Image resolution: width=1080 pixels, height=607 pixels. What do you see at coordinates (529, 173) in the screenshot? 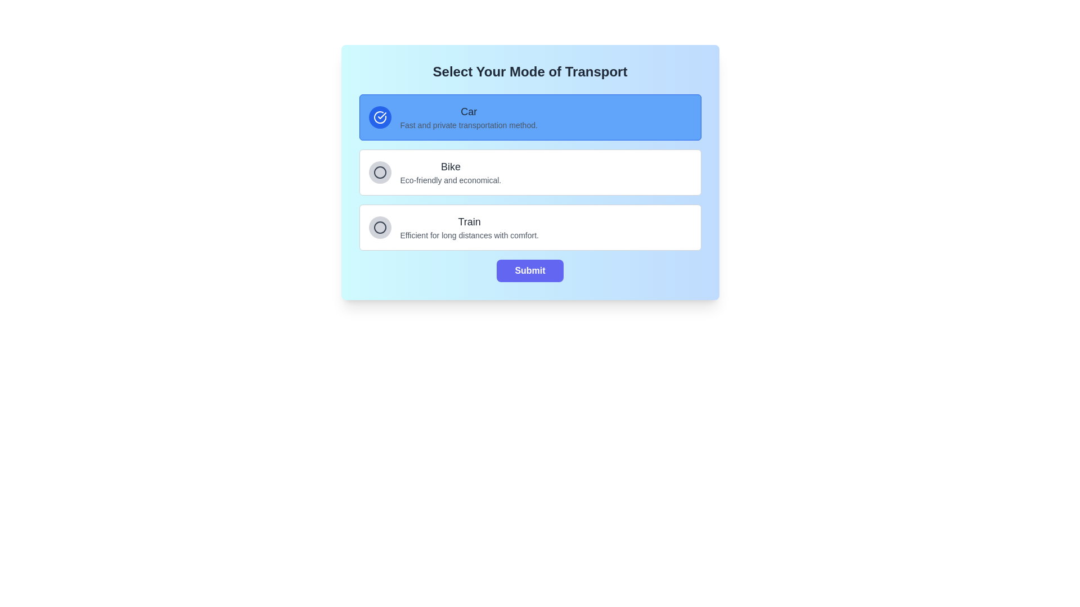
I see `the 'Bike' selectable option in the transportation mode selection menu` at bounding box center [529, 173].